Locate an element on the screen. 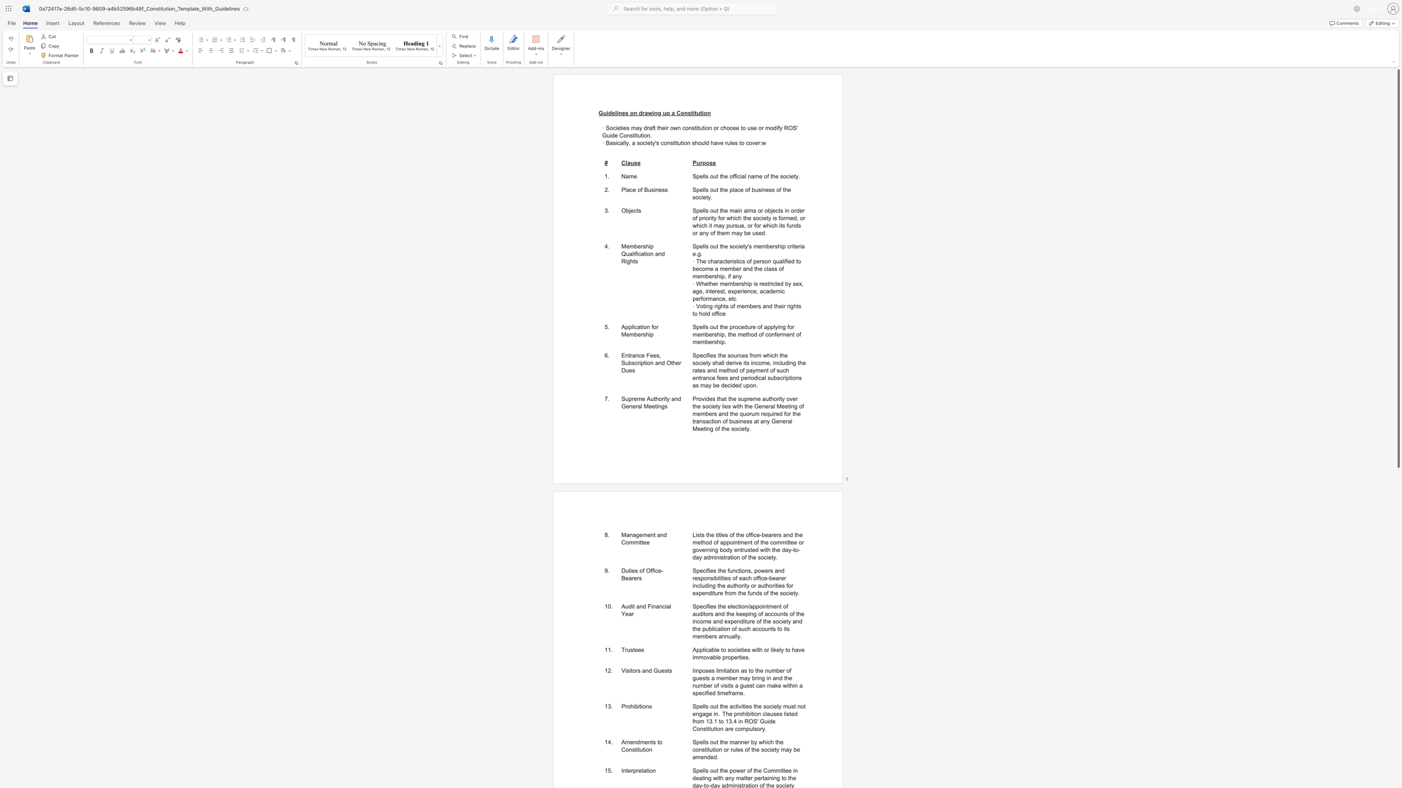 Image resolution: width=1402 pixels, height=788 pixels. the space between the continuous character "t" and "u" in the text is located at coordinates (637, 135).